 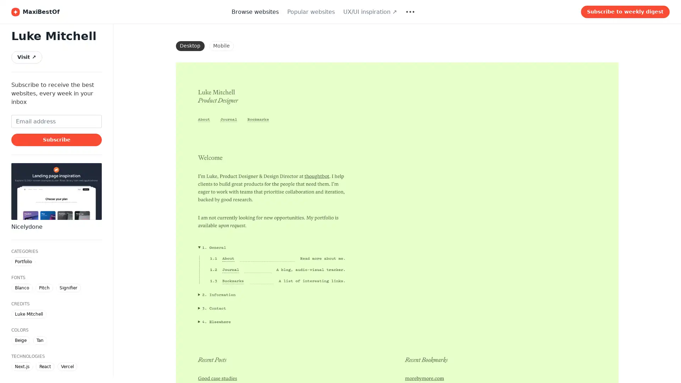 I want to click on Subscribe to weekly digest, so click(x=625, y=12).